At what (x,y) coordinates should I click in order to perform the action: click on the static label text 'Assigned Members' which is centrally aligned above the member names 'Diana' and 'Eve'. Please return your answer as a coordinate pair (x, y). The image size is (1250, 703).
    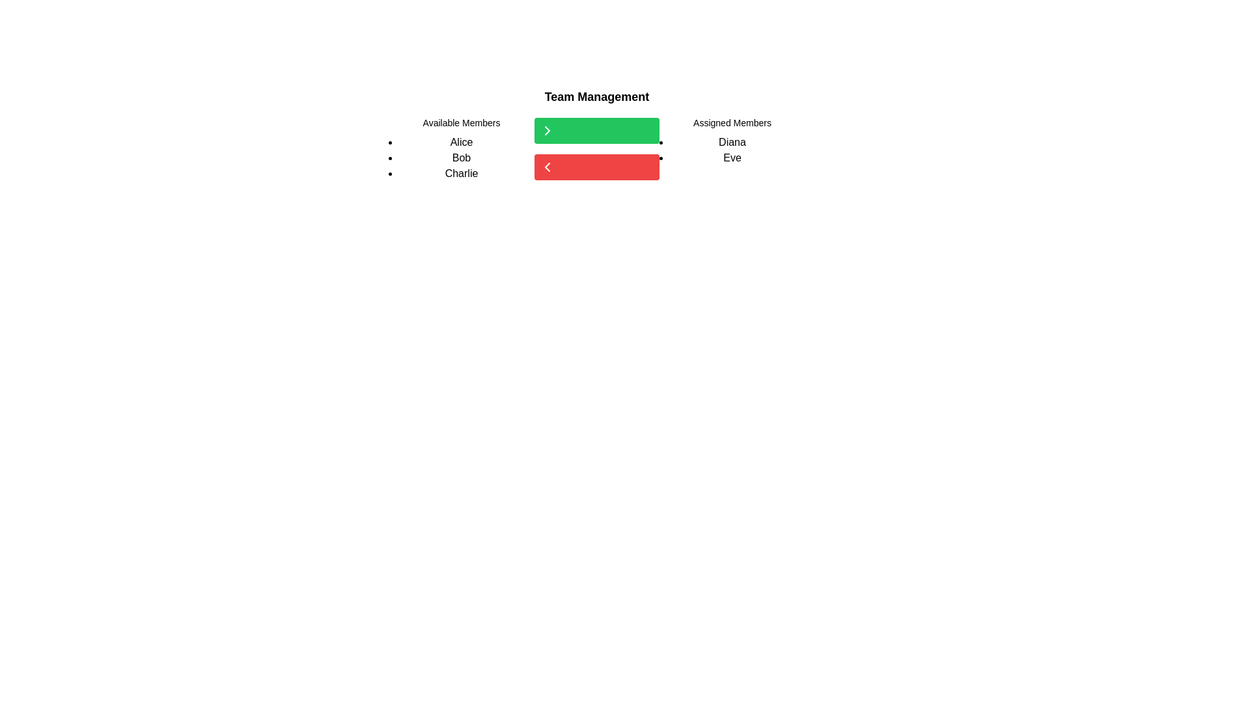
    Looking at the image, I should click on (732, 123).